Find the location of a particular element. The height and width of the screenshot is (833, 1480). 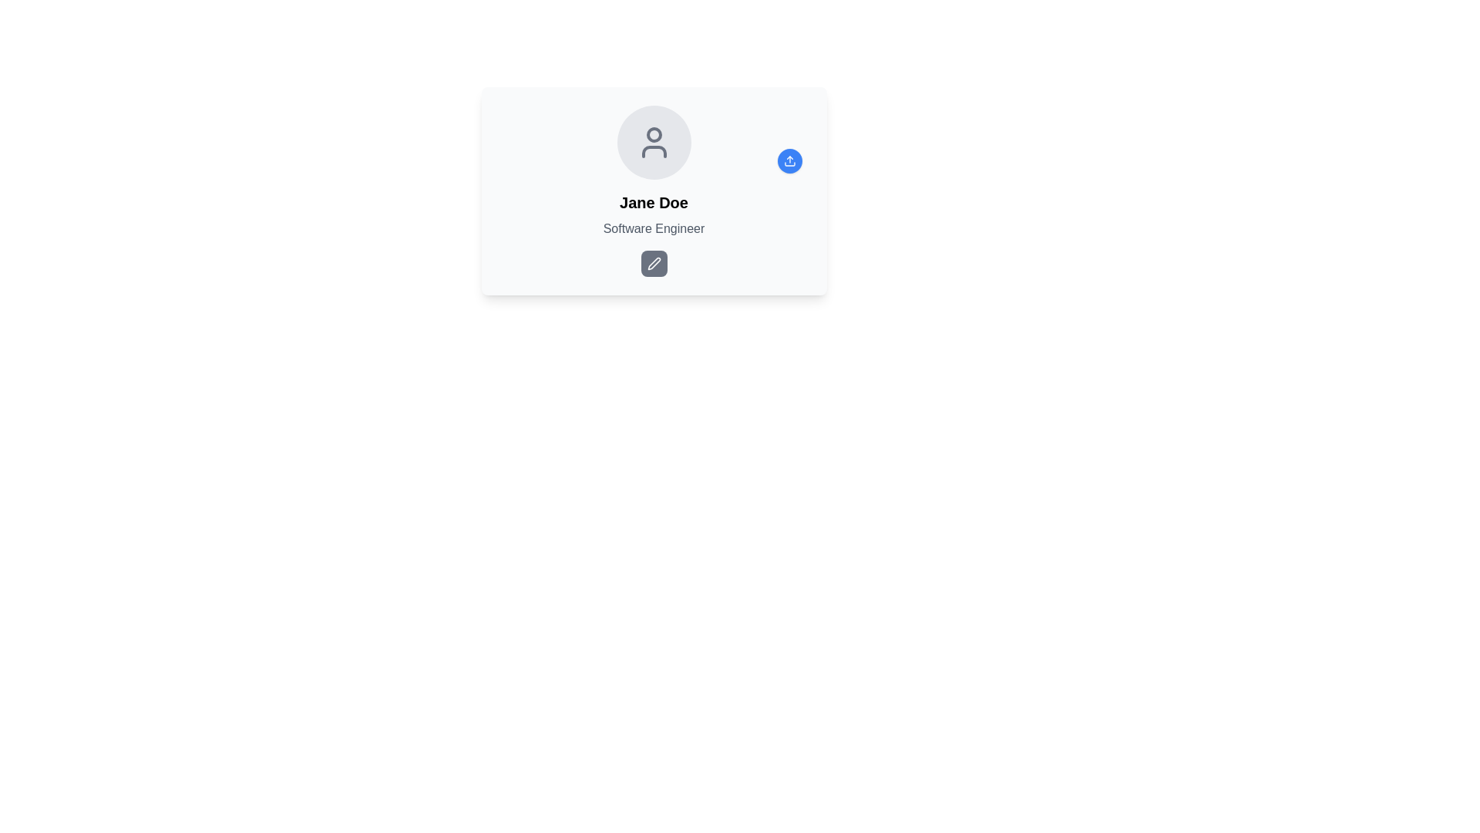

the user icon representing a simplified person silhouette, which is styled in gray and located near the upper center of an information card layout, above the text labels 'Jane Doe' and 'Software Engineer' is located at coordinates (654, 143).